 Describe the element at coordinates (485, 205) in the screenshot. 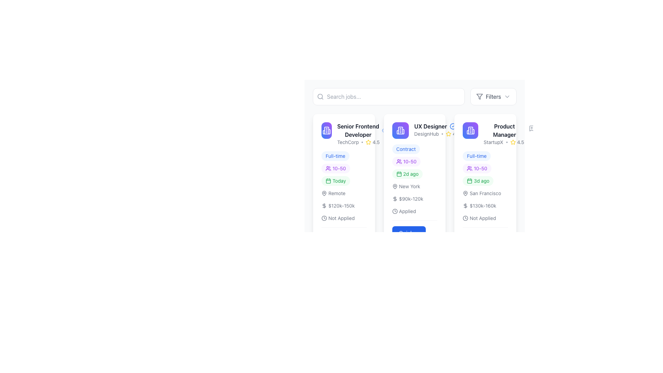

I see `the informational text group displaying 'San Francisco', '$130k-160k', and 'Not Applied' within the 'Product Manager' card located in the bottom section of the rightmost job card` at that location.